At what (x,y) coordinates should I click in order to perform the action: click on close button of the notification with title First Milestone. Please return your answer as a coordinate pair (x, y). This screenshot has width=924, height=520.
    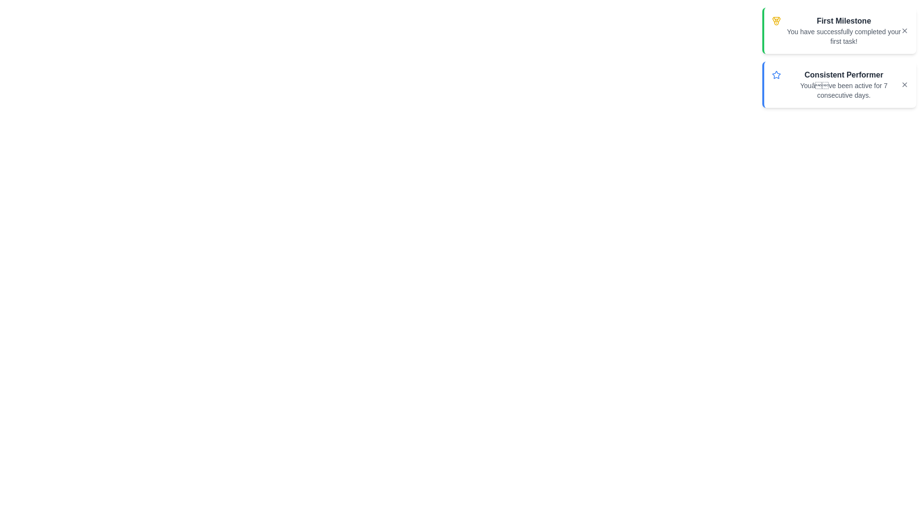
    Looking at the image, I should click on (904, 30).